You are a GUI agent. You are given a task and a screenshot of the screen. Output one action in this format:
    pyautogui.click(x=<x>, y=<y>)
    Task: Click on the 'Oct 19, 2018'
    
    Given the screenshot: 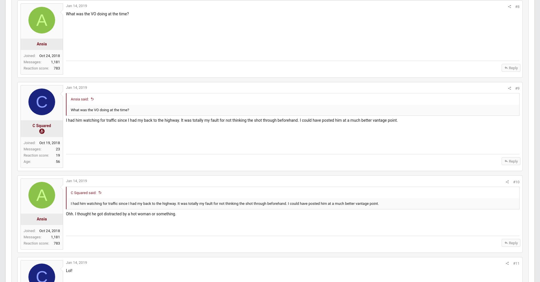 What is the action you would take?
    pyautogui.click(x=63, y=148)
    